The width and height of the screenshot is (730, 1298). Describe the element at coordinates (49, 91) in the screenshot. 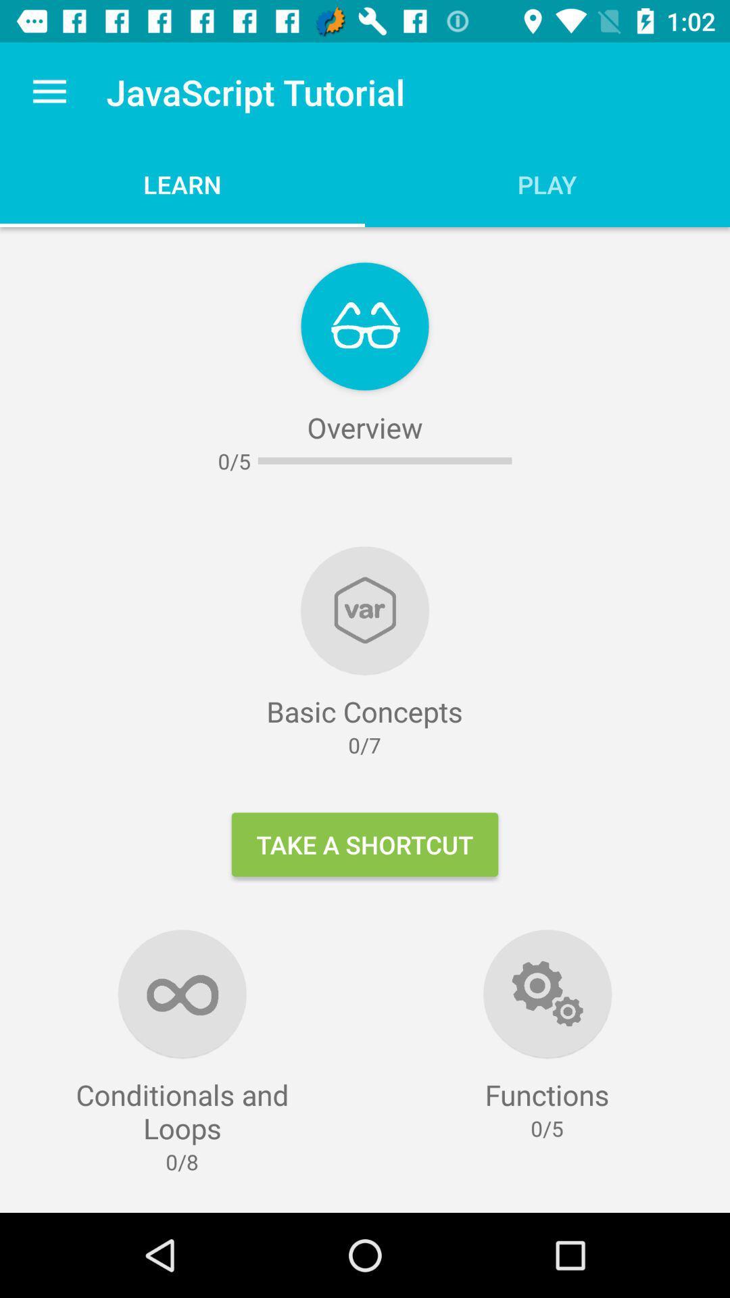

I see `the icon to the left of javascript tutorial item` at that location.